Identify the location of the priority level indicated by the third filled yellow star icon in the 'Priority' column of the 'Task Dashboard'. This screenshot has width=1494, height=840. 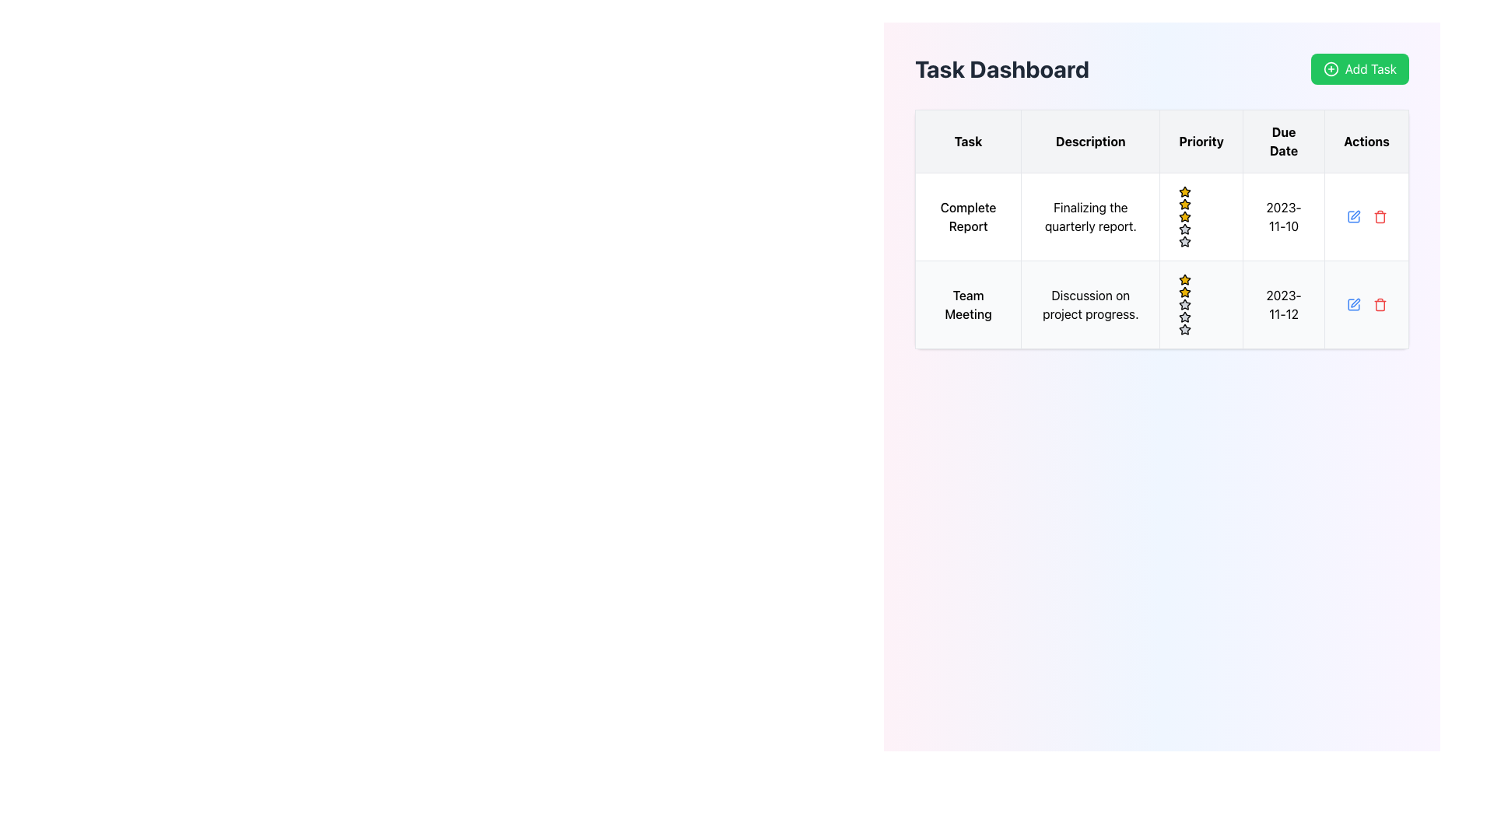
(1184, 203).